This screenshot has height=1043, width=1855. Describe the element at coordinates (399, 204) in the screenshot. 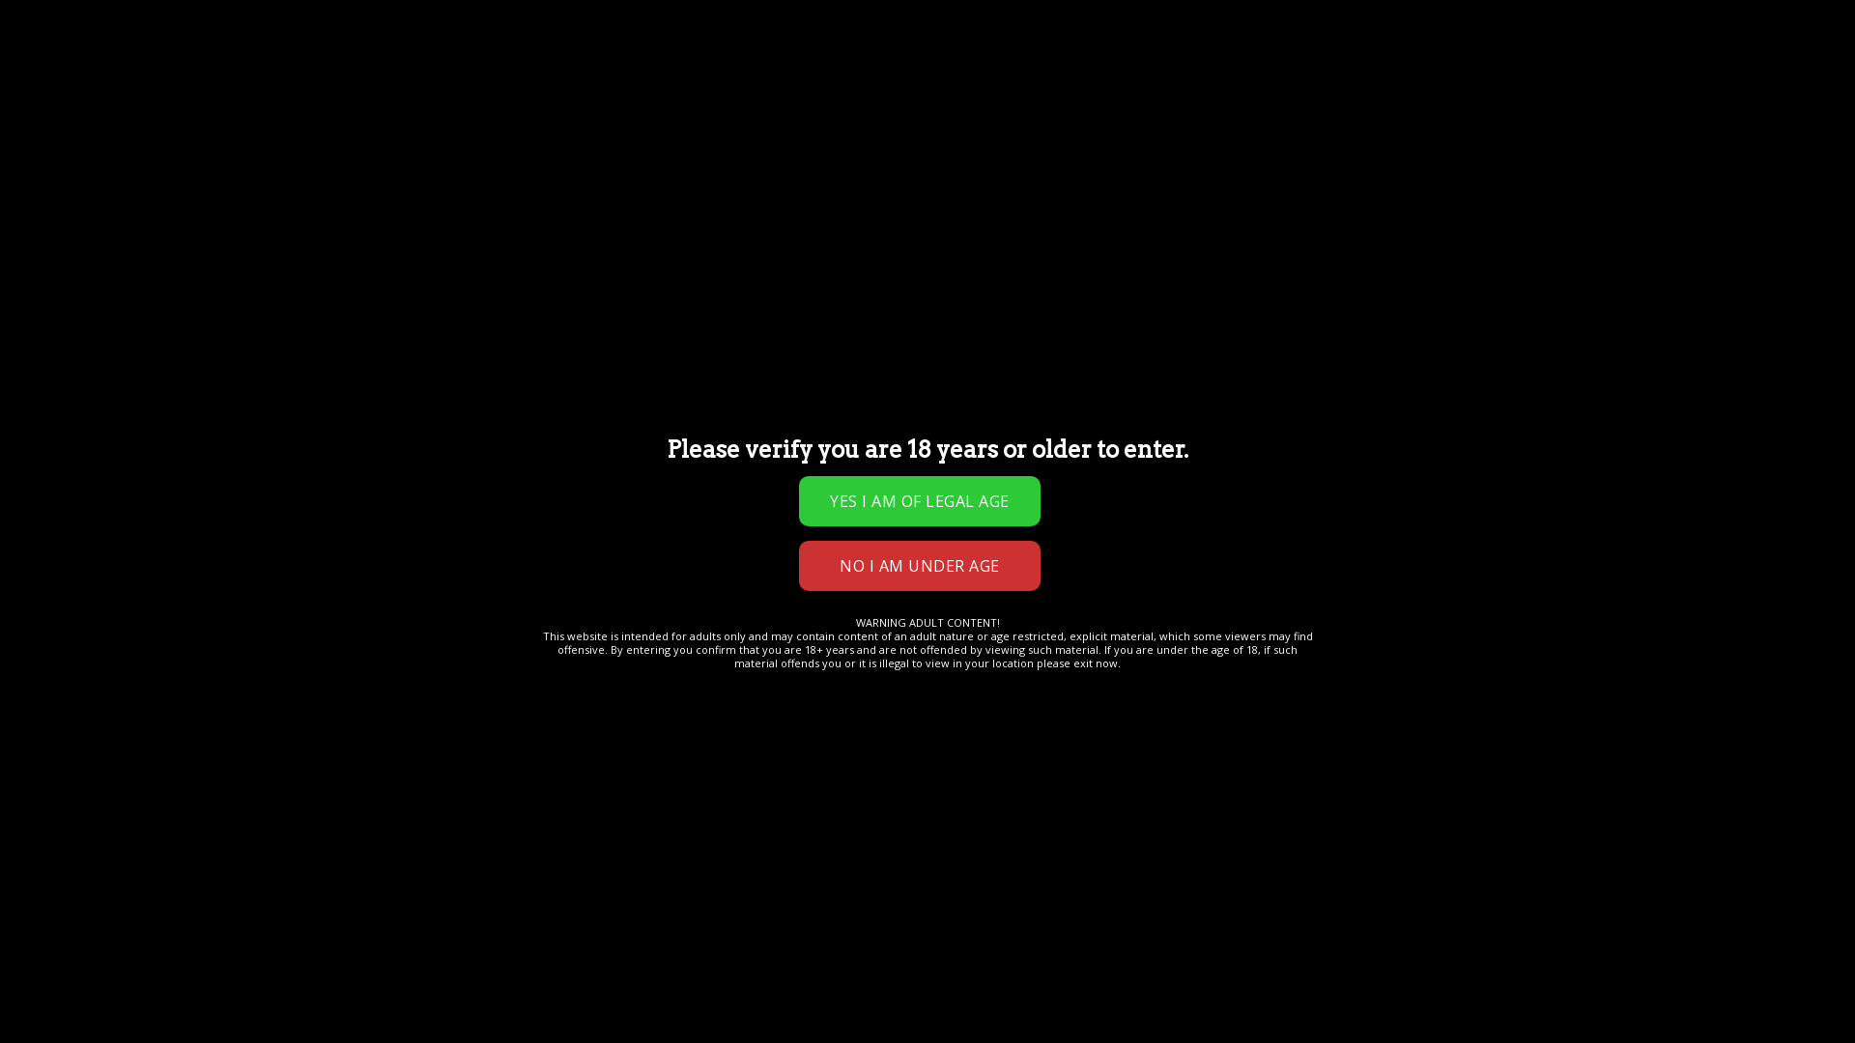

I see `'PACKING RODS'` at that location.